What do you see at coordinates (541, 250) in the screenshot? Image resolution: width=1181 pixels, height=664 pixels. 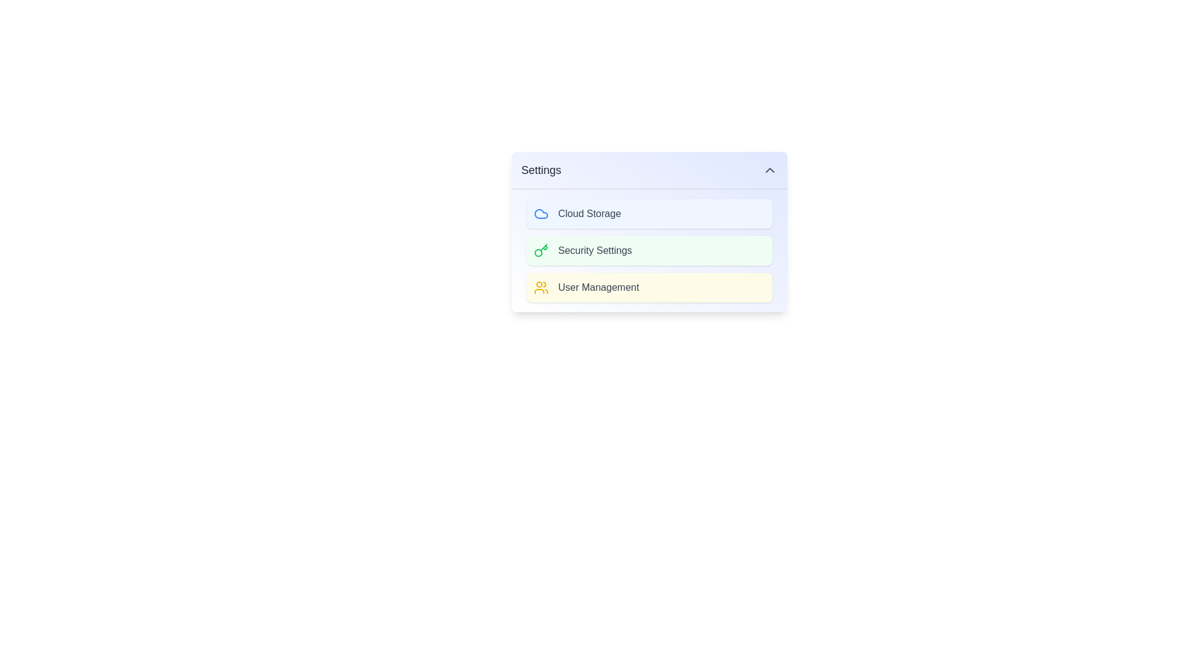 I see `the green-colored key icon that is located to the left of the text 'Security Settings'` at bounding box center [541, 250].